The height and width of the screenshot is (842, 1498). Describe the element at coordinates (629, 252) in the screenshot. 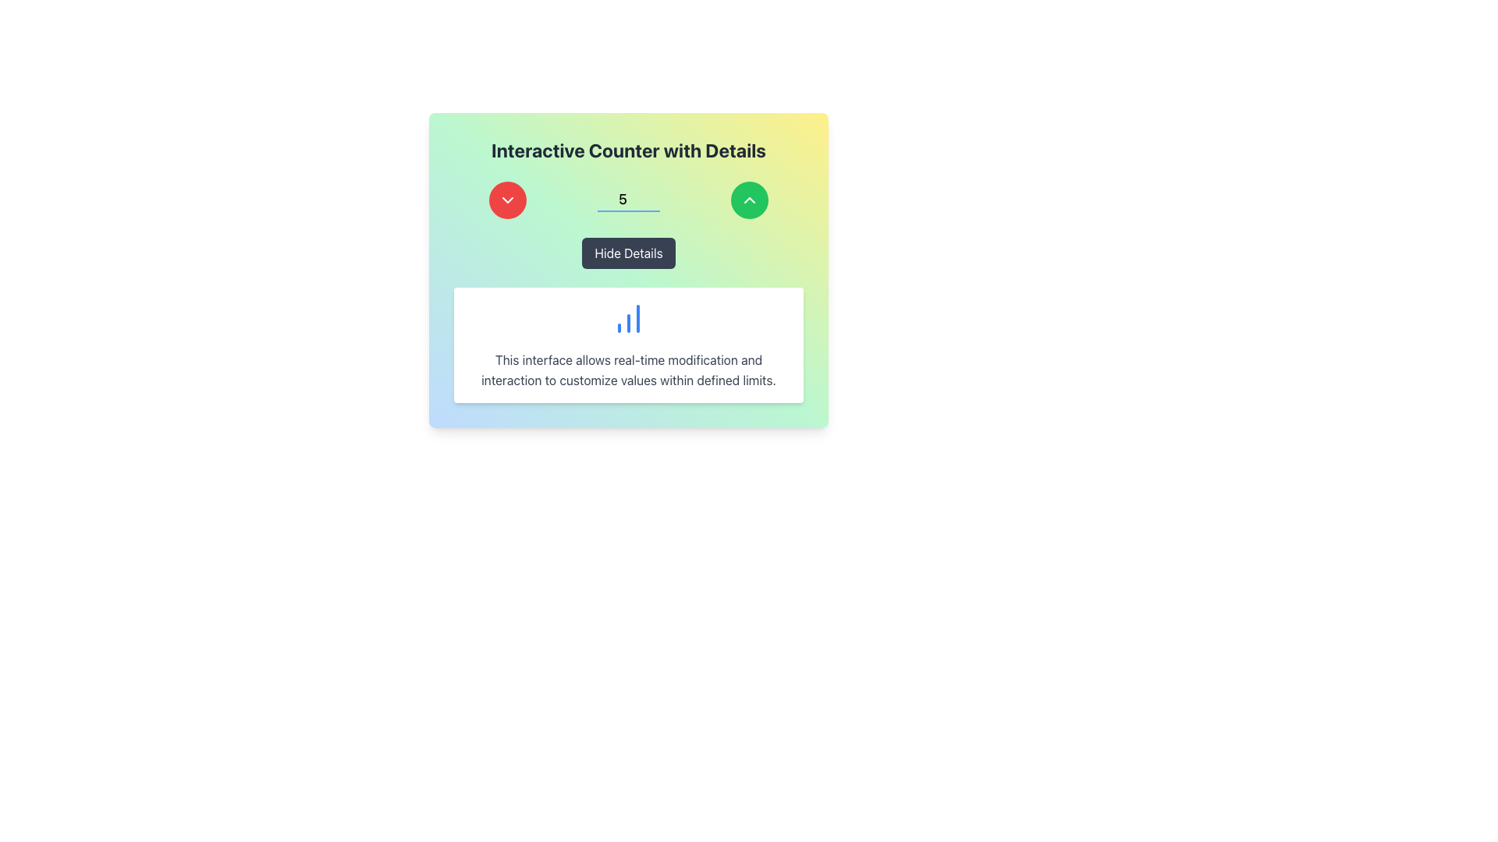

I see `the 'Hide Details' button, which is a rectangular button with a dark gray background and white text, located within the 'Interactive Counter with Details' panel` at that location.